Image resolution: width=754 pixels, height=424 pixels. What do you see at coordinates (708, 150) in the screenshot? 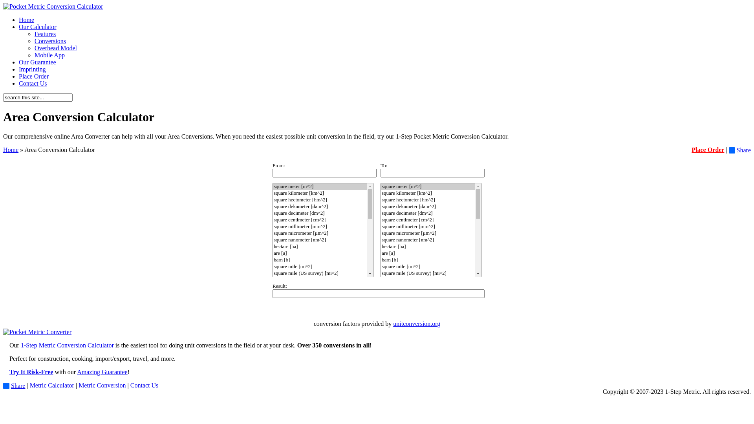
I see `'Place Order'` at bounding box center [708, 150].